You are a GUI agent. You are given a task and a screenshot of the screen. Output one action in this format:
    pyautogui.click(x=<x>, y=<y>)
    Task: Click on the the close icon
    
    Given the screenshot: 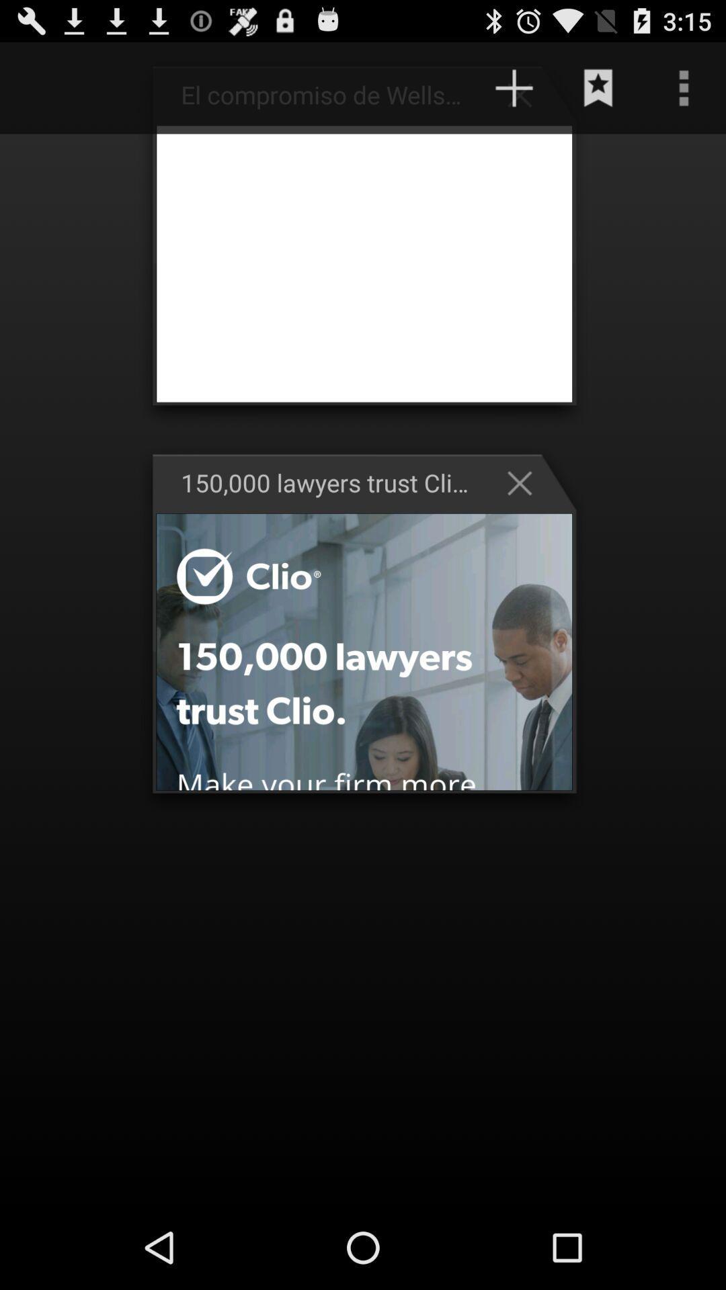 What is the action you would take?
    pyautogui.click(x=526, y=515)
    